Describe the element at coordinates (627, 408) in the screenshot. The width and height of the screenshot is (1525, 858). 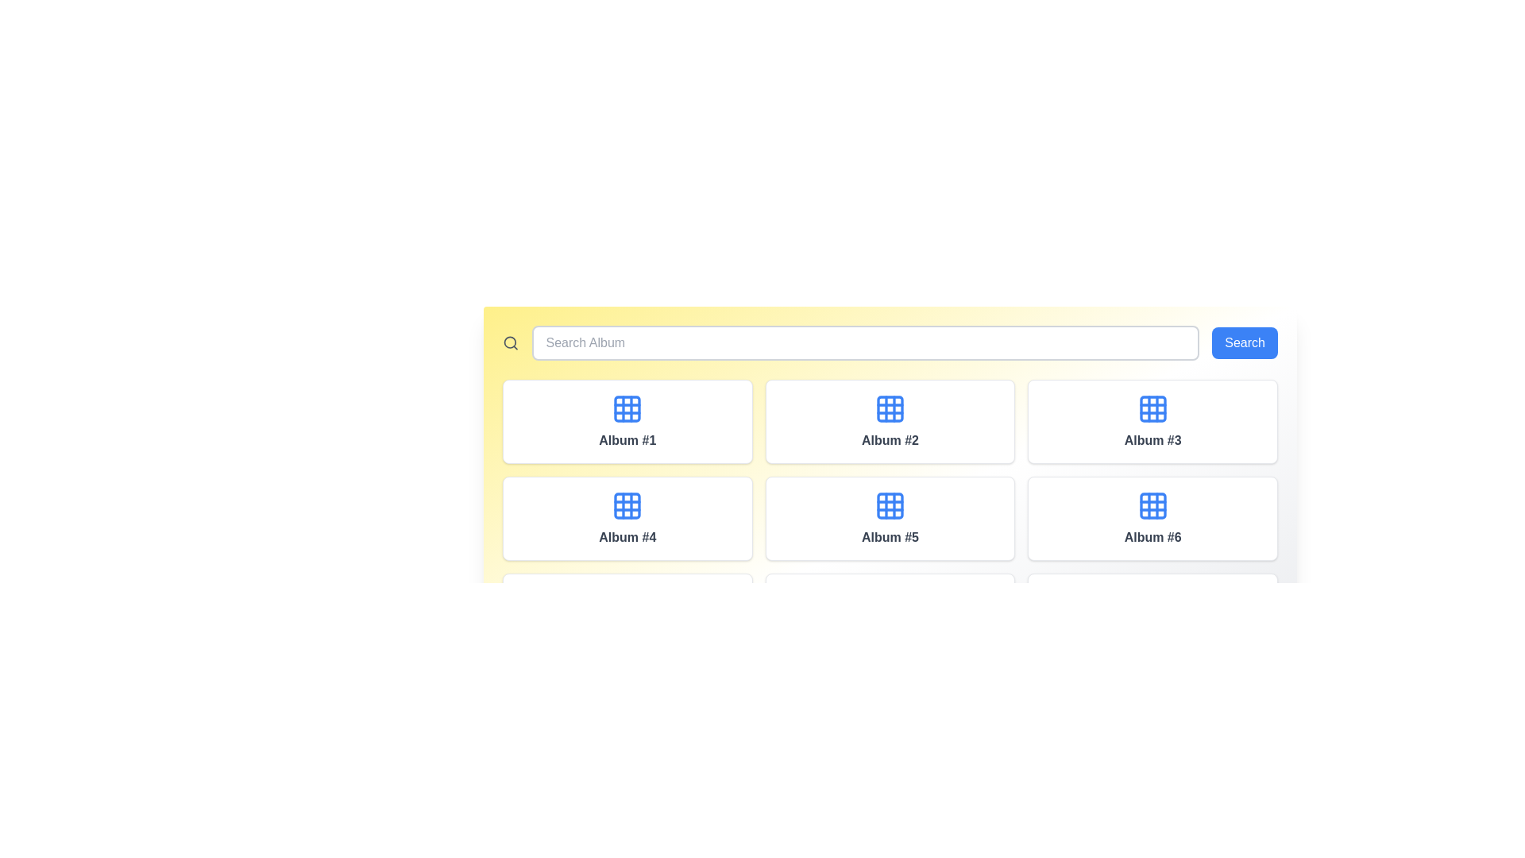
I see `the central rectangular UI component that is a sub-component of the 3x3 grid icon located above the 'Album #1' label` at that location.